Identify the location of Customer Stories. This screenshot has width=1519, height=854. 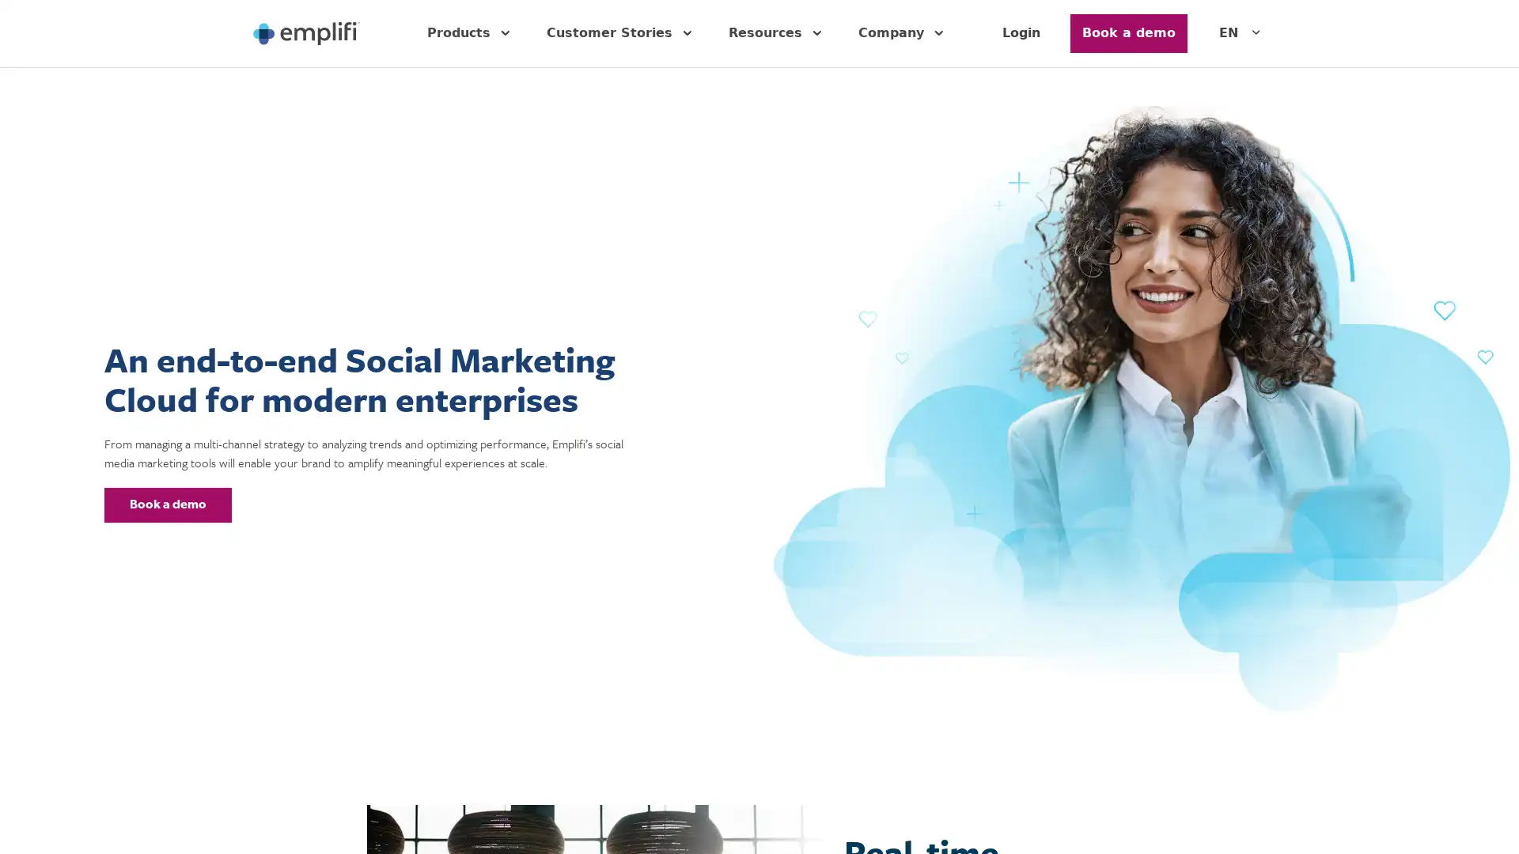
(621, 33).